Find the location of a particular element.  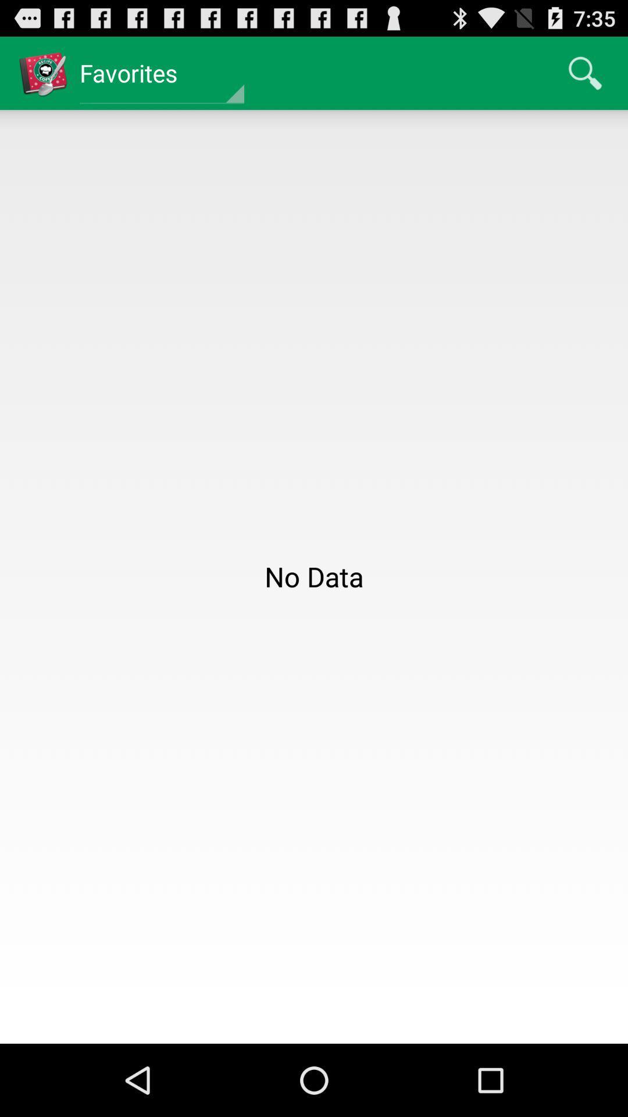

the icon next to the favorites is located at coordinates (585, 72).